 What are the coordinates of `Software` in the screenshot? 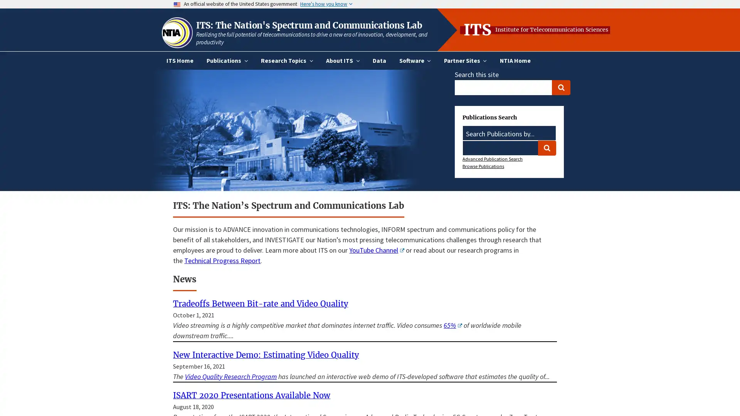 It's located at (414, 60).